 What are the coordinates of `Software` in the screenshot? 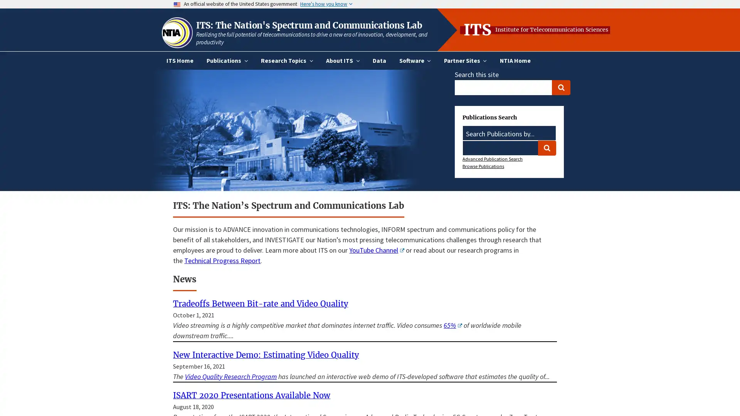 It's located at (414, 60).